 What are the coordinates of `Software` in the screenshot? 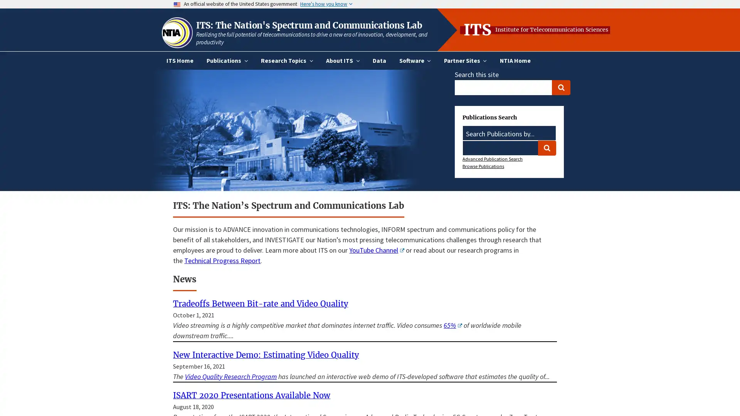 It's located at (414, 60).